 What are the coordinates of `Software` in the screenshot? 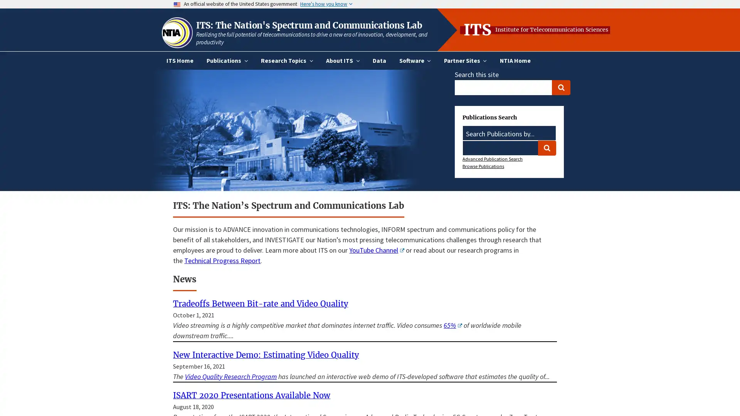 It's located at (414, 60).